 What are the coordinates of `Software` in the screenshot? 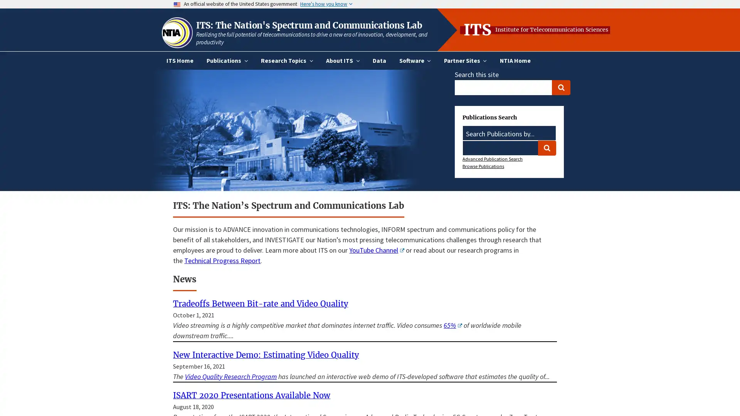 It's located at (414, 60).